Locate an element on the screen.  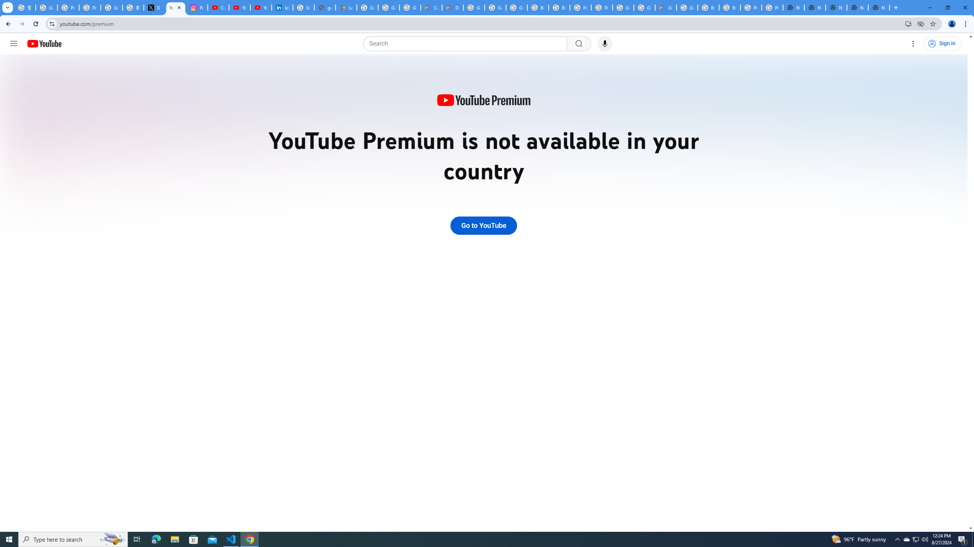
'Install YouTube' is located at coordinates (909, 23).